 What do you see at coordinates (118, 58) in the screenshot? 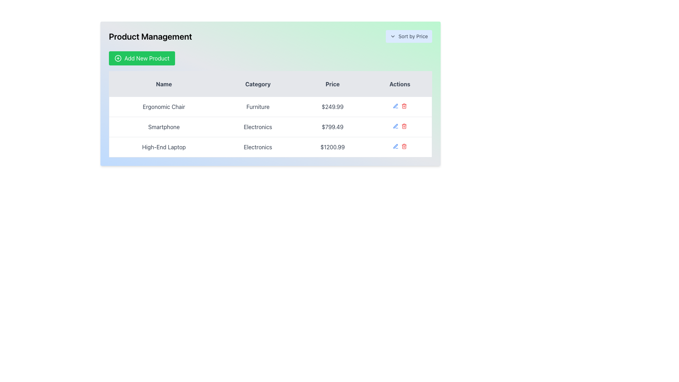
I see `the Decorative SVG Circle located within the green 'Add New Product' button, positioned below the 'Product Management' header and aligned to the left` at bounding box center [118, 58].